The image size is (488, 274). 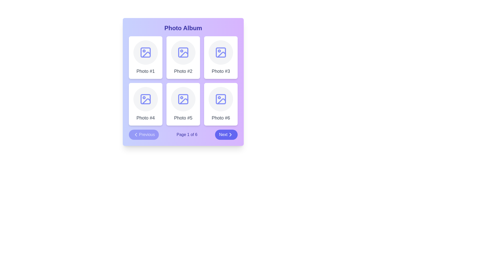 What do you see at coordinates (221, 99) in the screenshot?
I see `the small, square-shaped icon with rounded corners located within the sixth photo frame in a 2x3 grid layout, positioned in the bottom-right corner of the layout` at bounding box center [221, 99].